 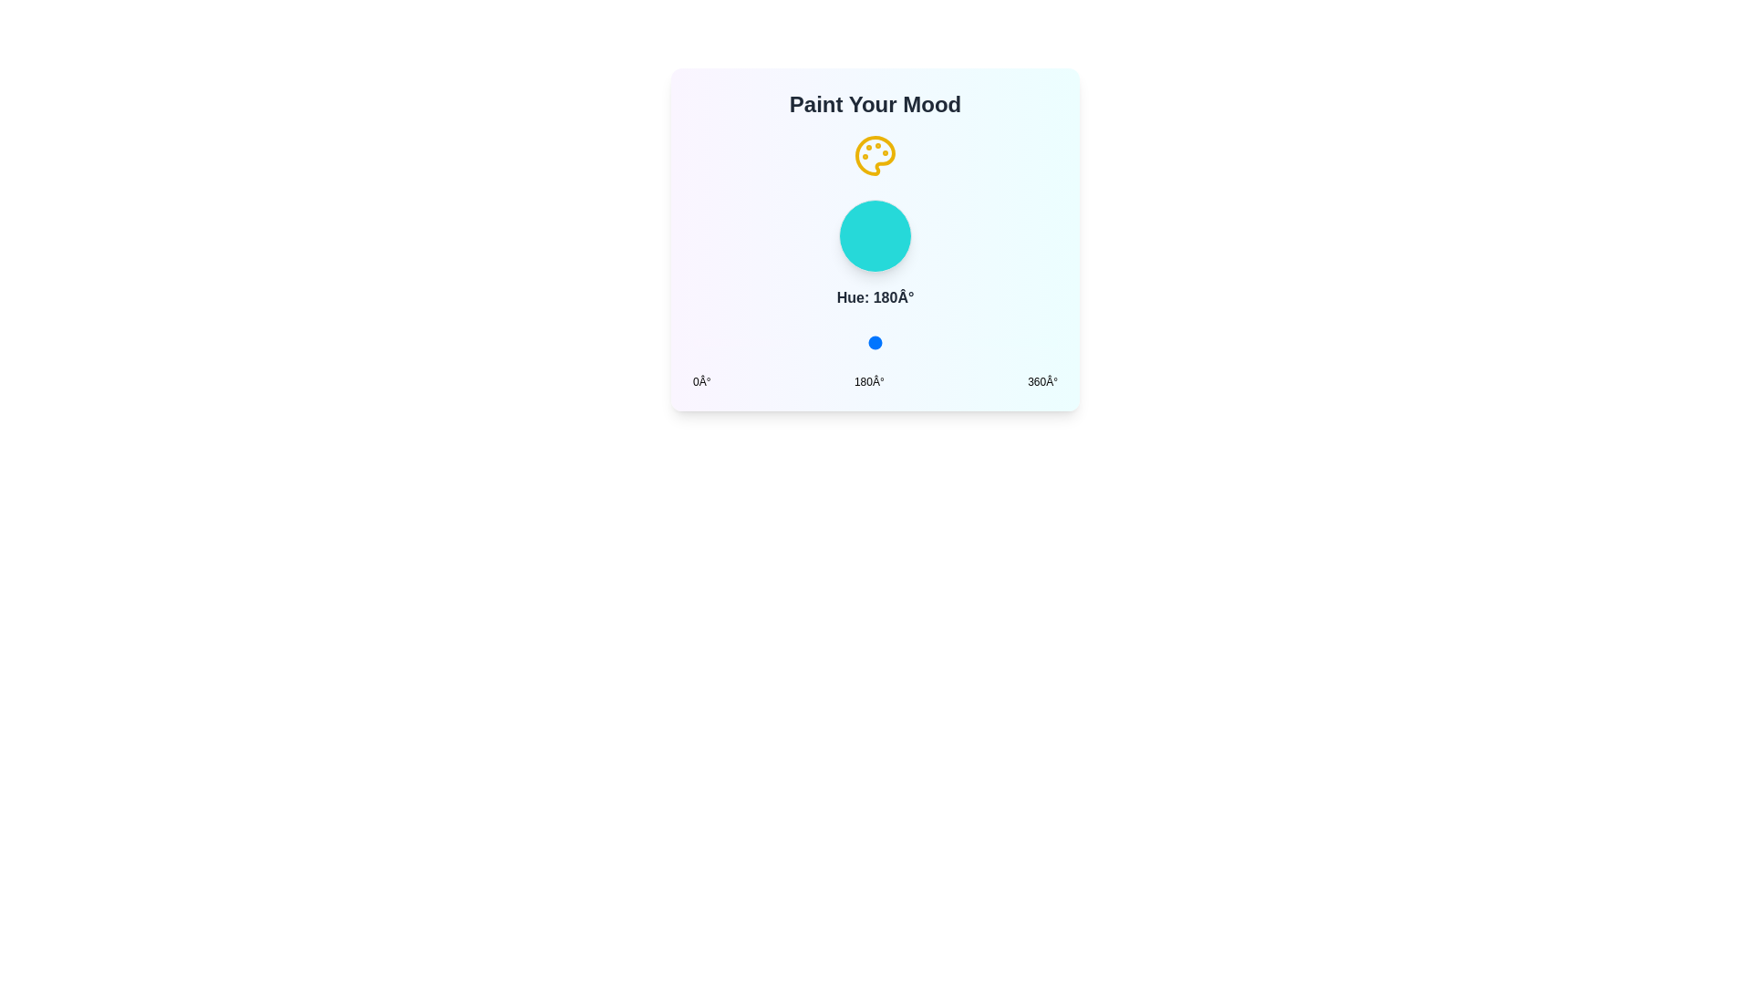 What do you see at coordinates (928, 342) in the screenshot?
I see `the hue slider to set the hue to 233 degrees` at bounding box center [928, 342].